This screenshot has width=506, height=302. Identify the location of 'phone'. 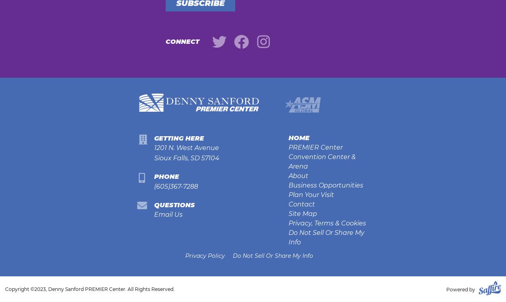
(166, 176).